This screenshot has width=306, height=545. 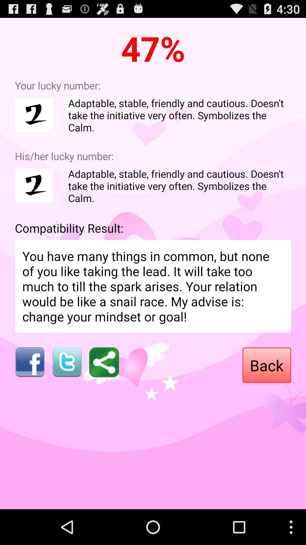 I want to click on the share icon, so click(x=104, y=387).